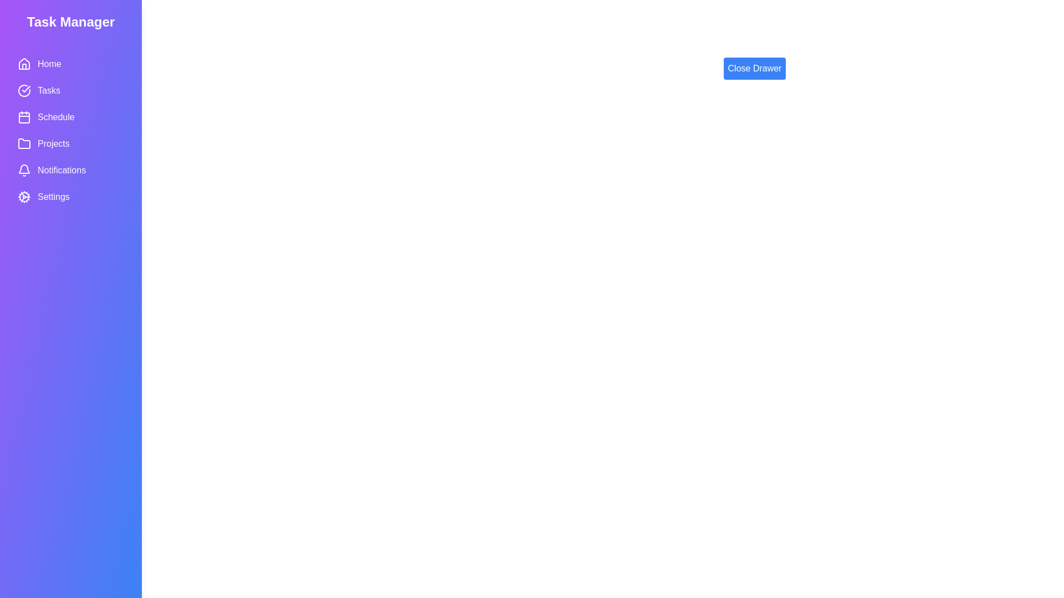 Image resolution: width=1064 pixels, height=598 pixels. I want to click on the menu item Notifications from the Task Manager Drawer, so click(70, 171).